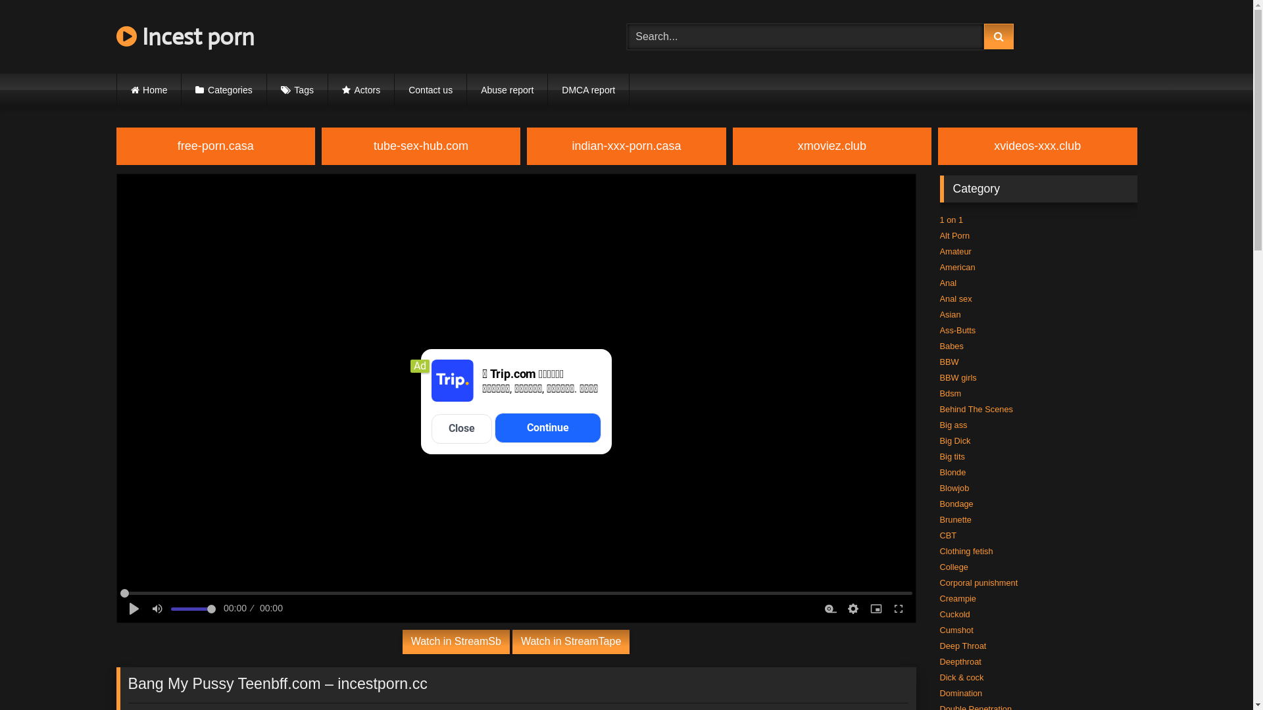 The width and height of the screenshot is (1263, 710). What do you see at coordinates (962, 645) in the screenshot?
I see `'Deep Throat'` at bounding box center [962, 645].